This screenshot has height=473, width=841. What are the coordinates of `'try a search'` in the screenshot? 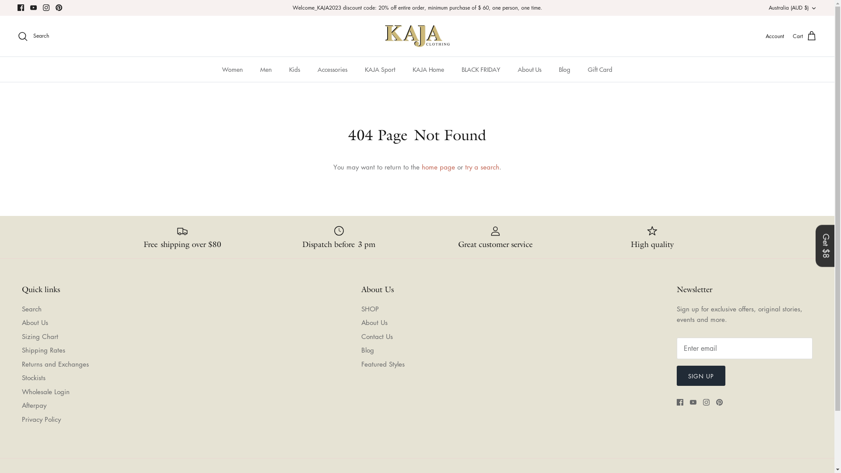 It's located at (481, 167).